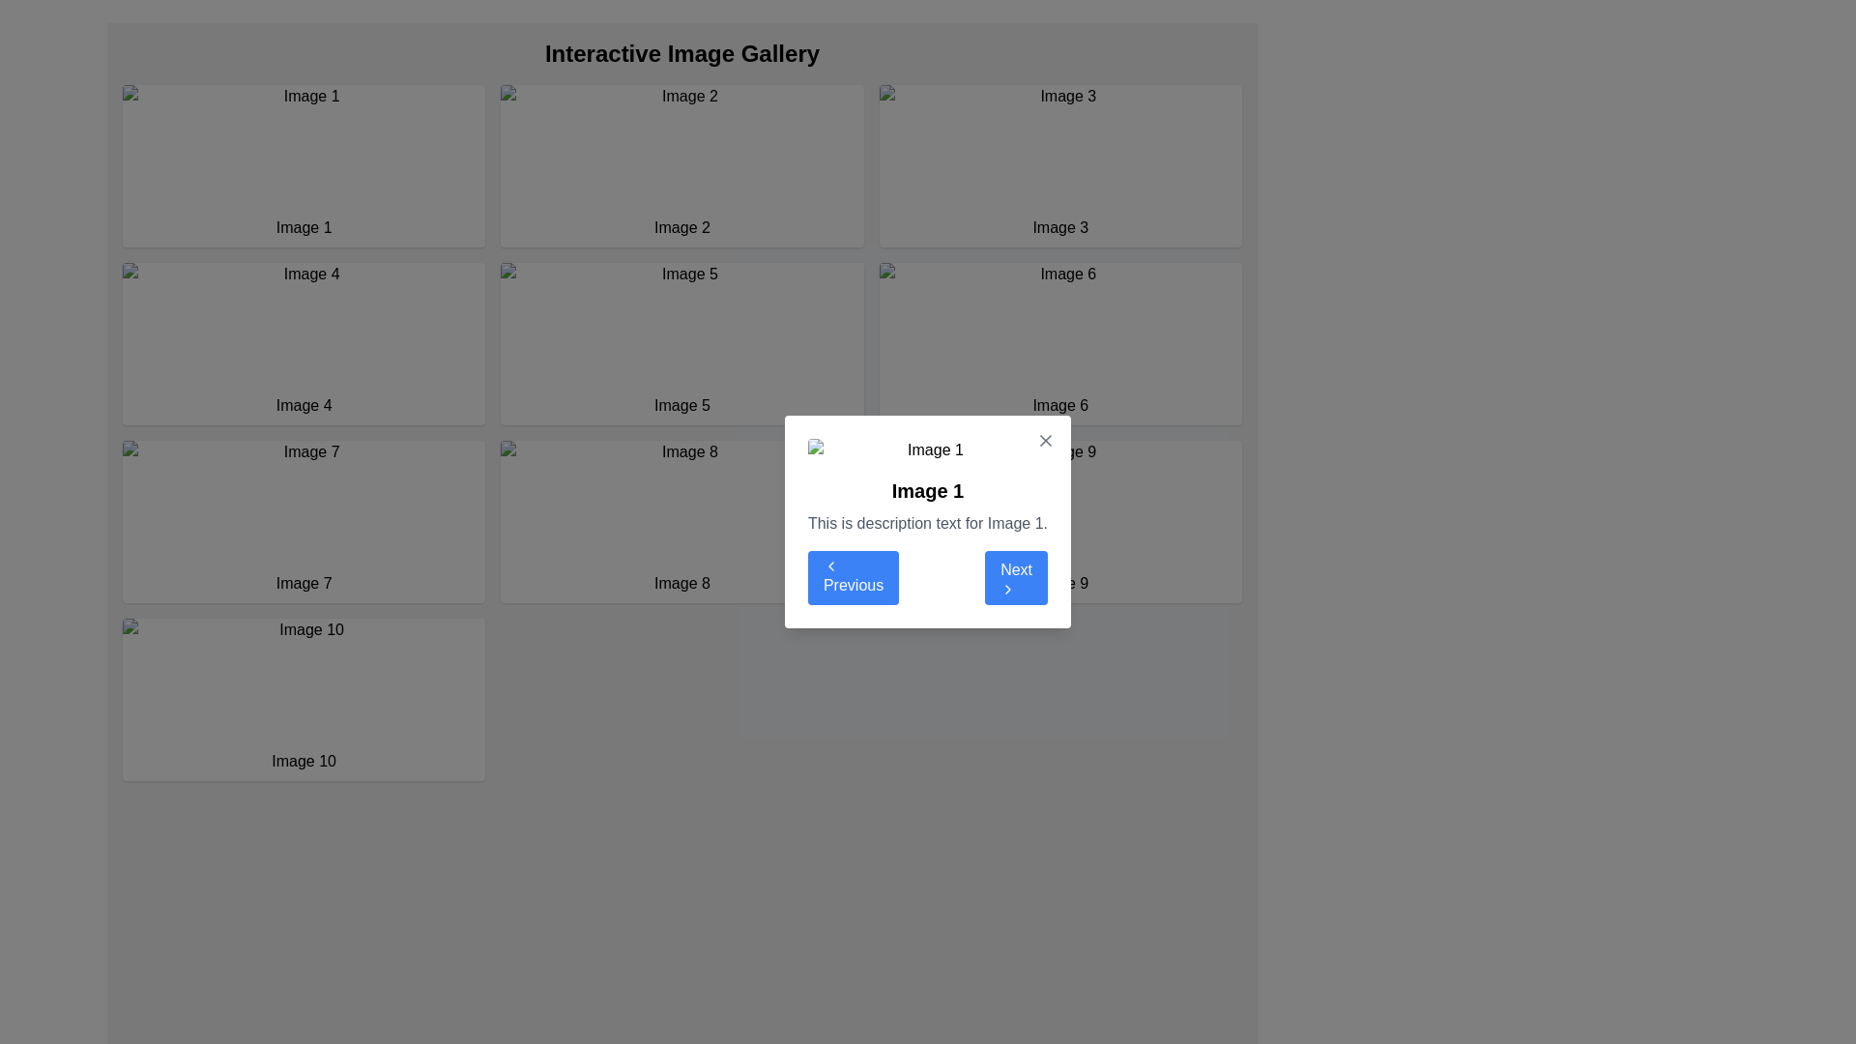 Image resolution: width=1856 pixels, height=1044 pixels. What do you see at coordinates (681, 145) in the screenshot?
I see `the visual representation of 'Image 2'` at bounding box center [681, 145].